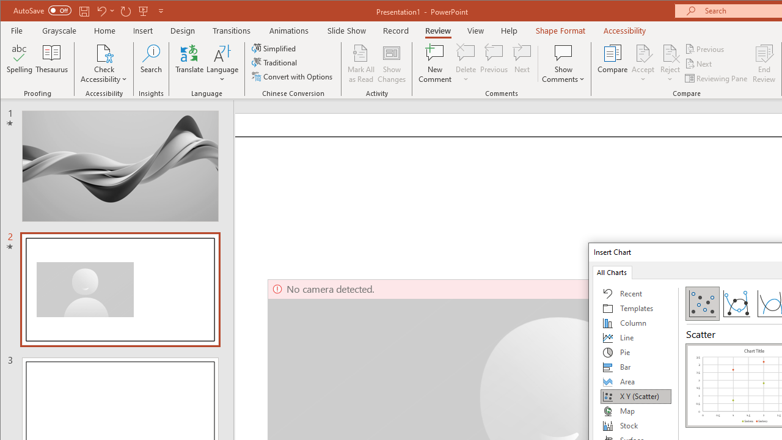 This screenshot has width=782, height=440. Describe the element at coordinates (736, 302) in the screenshot. I see `'Scatter with Smooth Lines and Markers'` at that location.